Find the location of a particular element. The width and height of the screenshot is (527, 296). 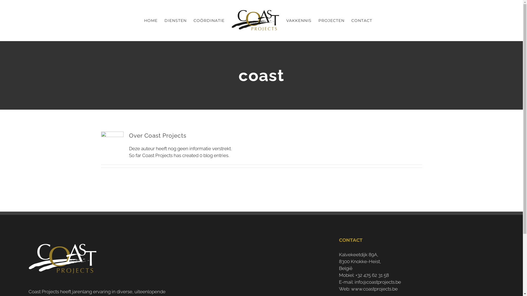

'HOME' is located at coordinates (150, 20).